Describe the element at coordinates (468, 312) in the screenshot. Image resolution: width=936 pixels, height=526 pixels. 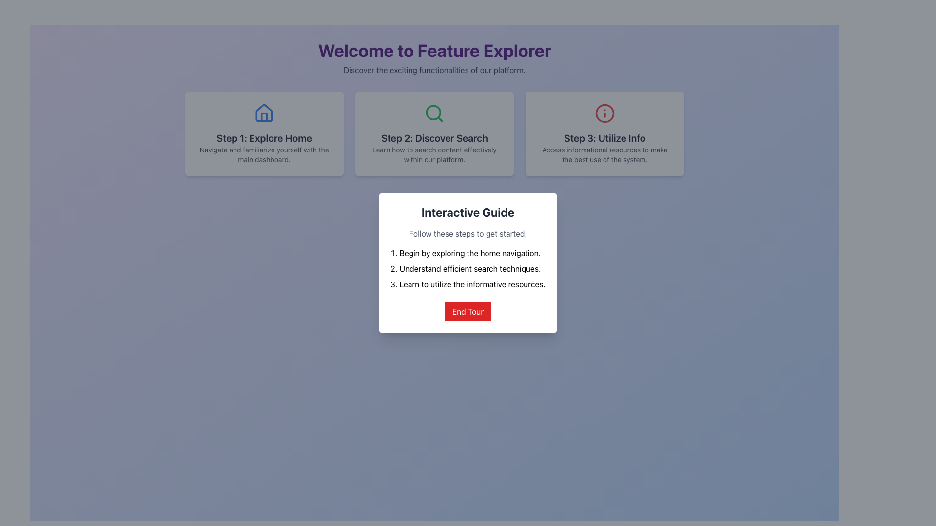
I see `the terminate tour button located centrally within the modal box` at that location.